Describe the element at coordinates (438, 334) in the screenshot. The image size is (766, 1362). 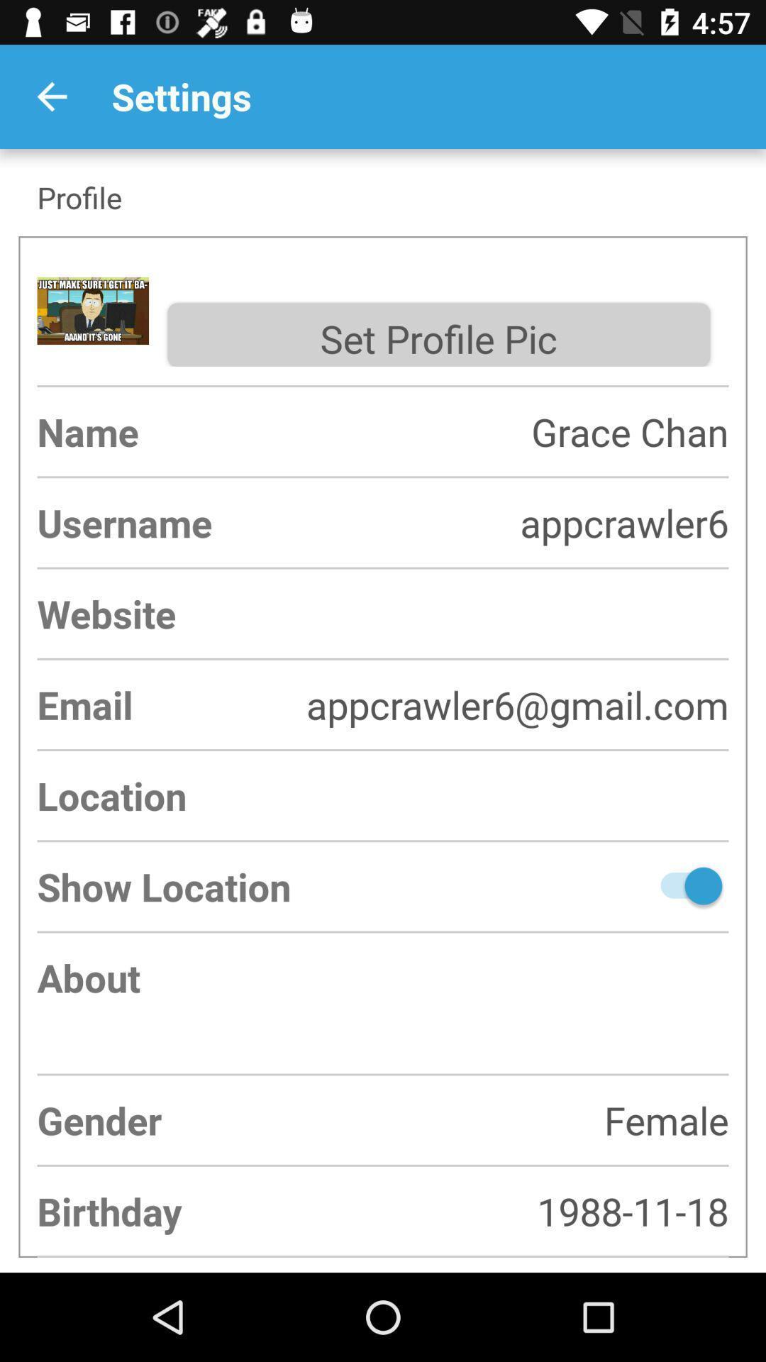
I see `the set profile pic icon` at that location.